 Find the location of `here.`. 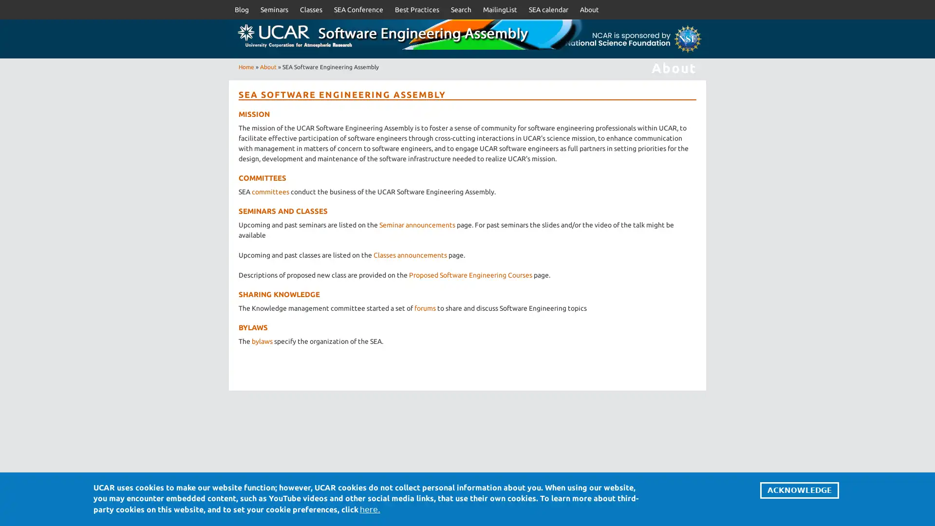

here. is located at coordinates (369, 508).